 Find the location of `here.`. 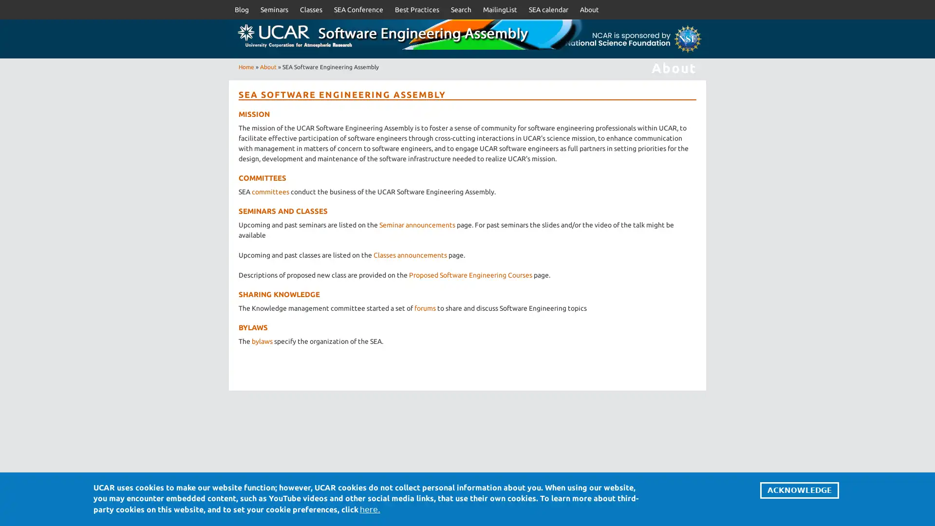

here. is located at coordinates (369, 508).